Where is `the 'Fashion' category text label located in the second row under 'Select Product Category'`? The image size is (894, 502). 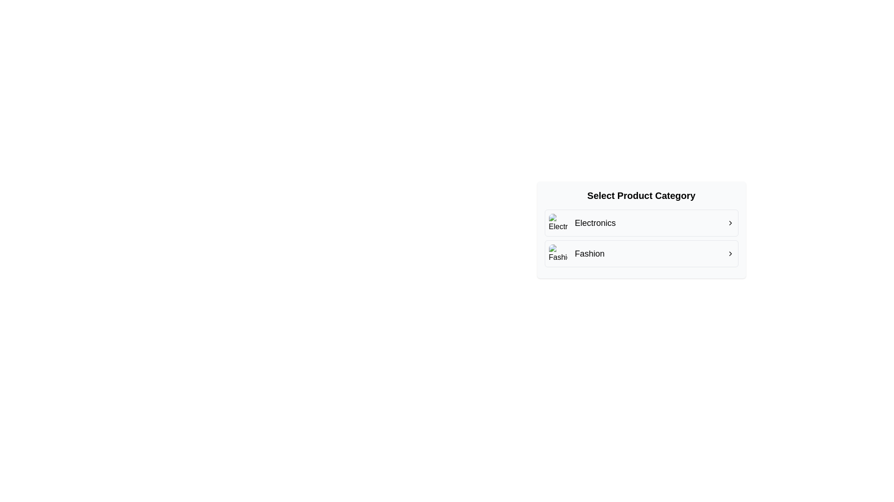
the 'Fashion' category text label located in the second row under 'Select Product Category' is located at coordinates (589, 254).